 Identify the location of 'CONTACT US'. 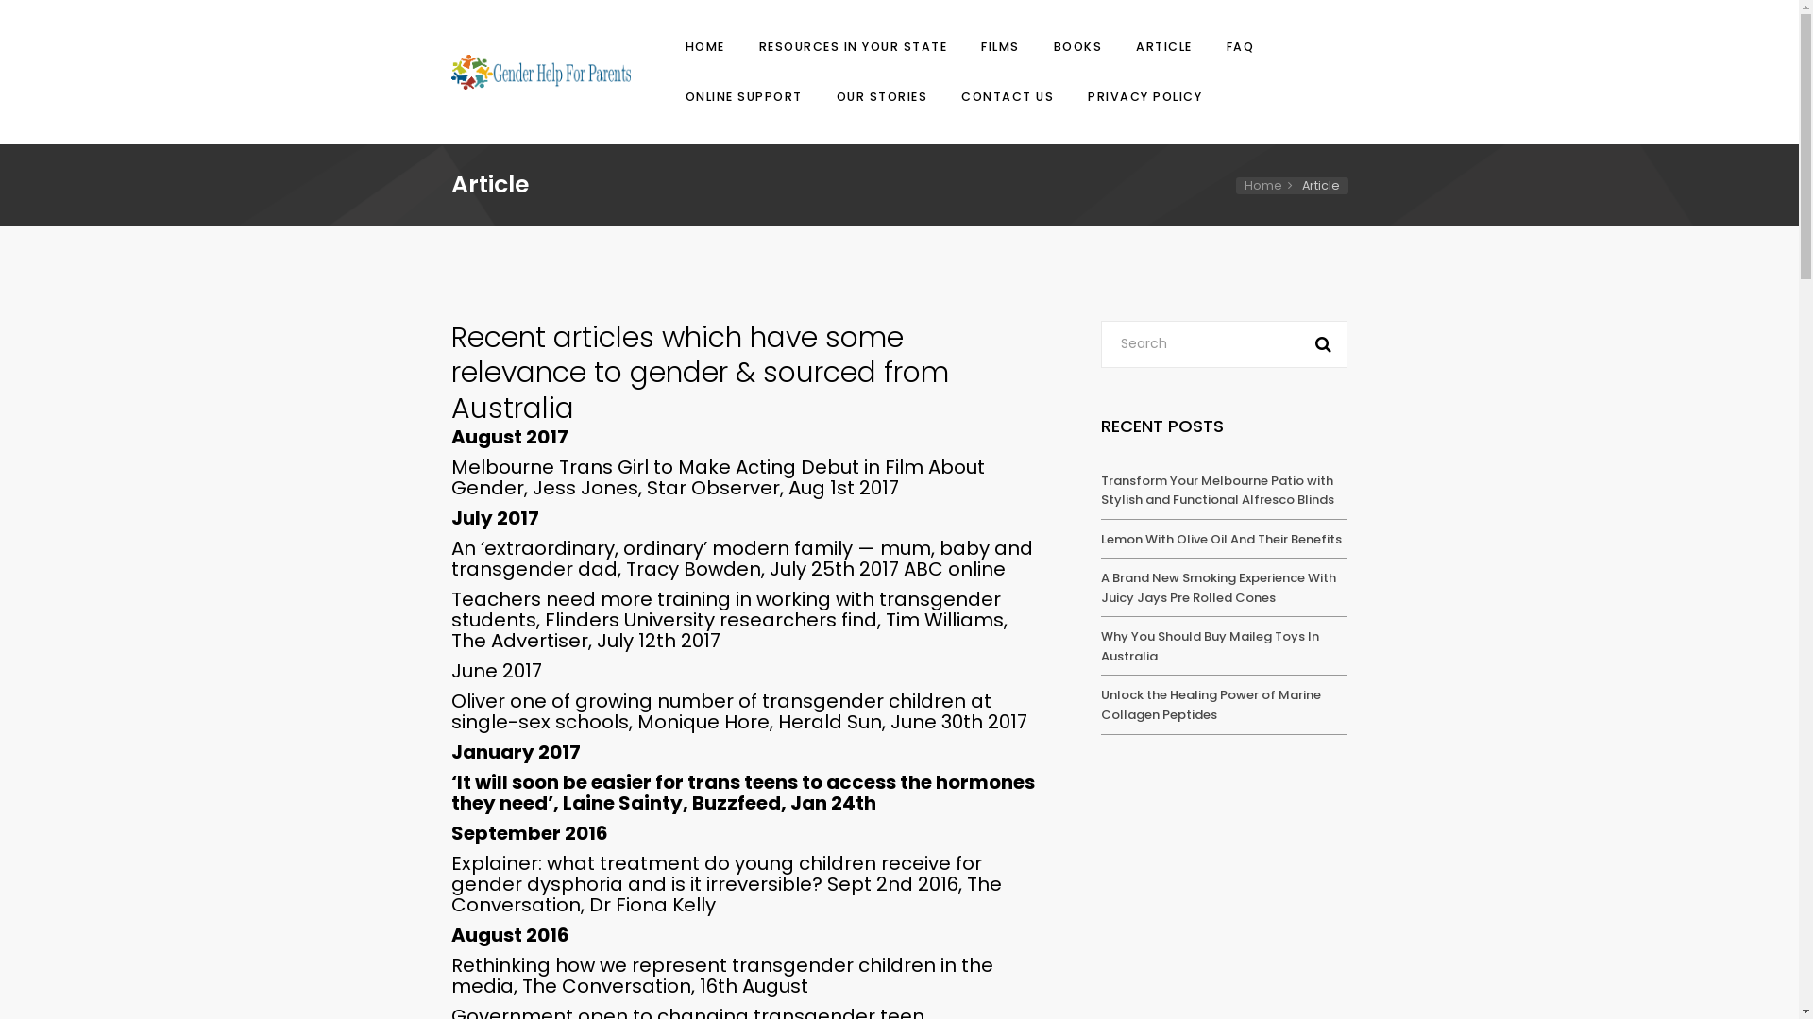
(1006, 96).